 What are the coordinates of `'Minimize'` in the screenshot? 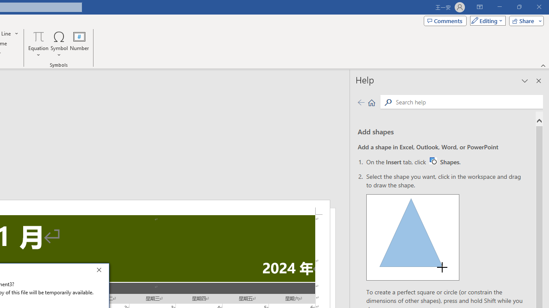 It's located at (499, 7).